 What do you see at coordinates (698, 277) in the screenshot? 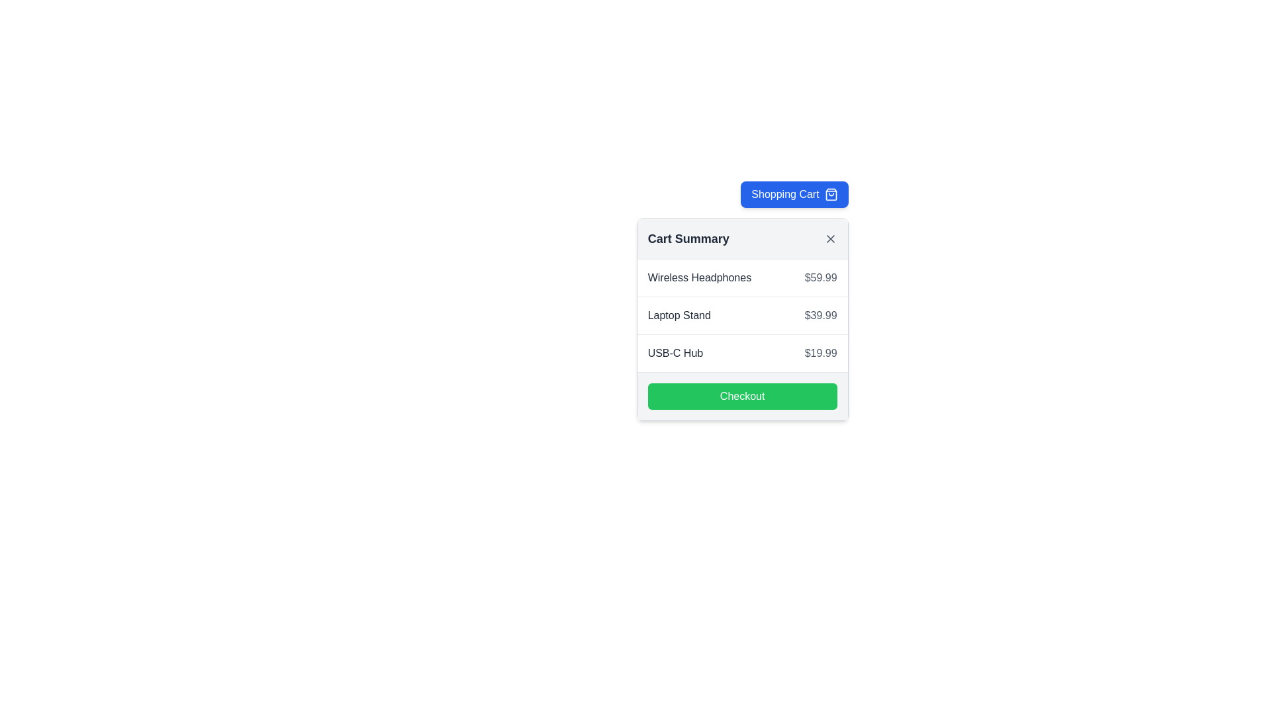
I see `the Text Label describing the product 'Wireless Headphones' in the Cart Summary section of the shopping cart interface` at bounding box center [698, 277].